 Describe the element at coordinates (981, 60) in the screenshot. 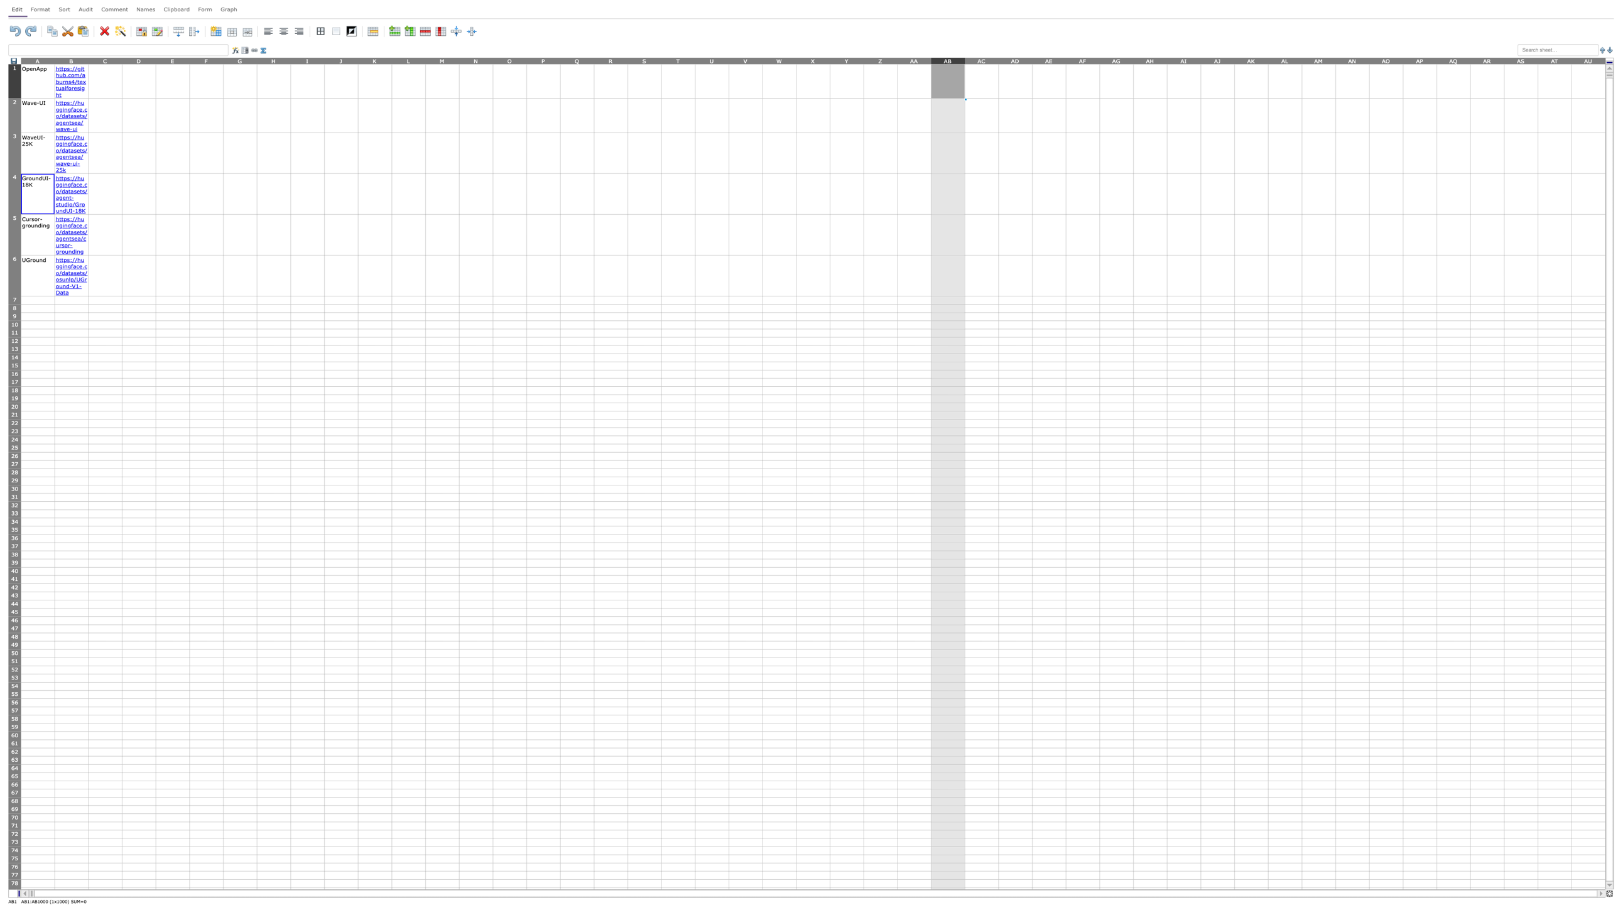

I see `column AC` at that location.